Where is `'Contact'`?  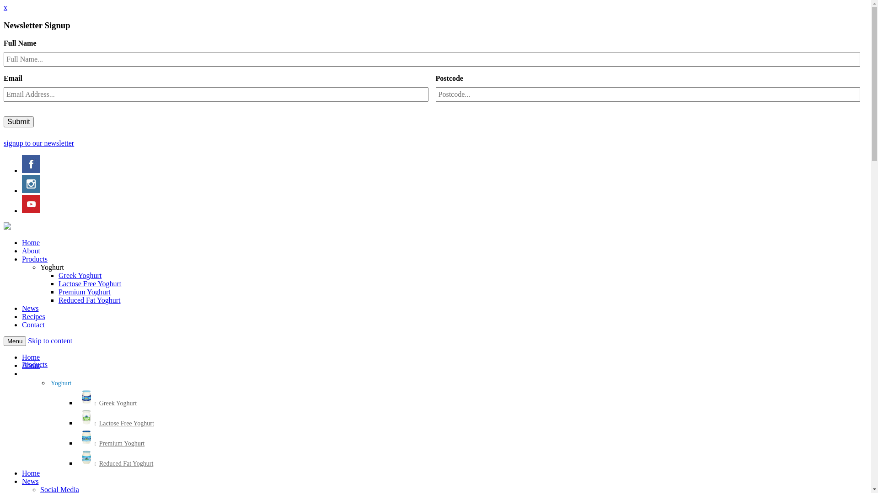
'Contact' is located at coordinates (33, 324).